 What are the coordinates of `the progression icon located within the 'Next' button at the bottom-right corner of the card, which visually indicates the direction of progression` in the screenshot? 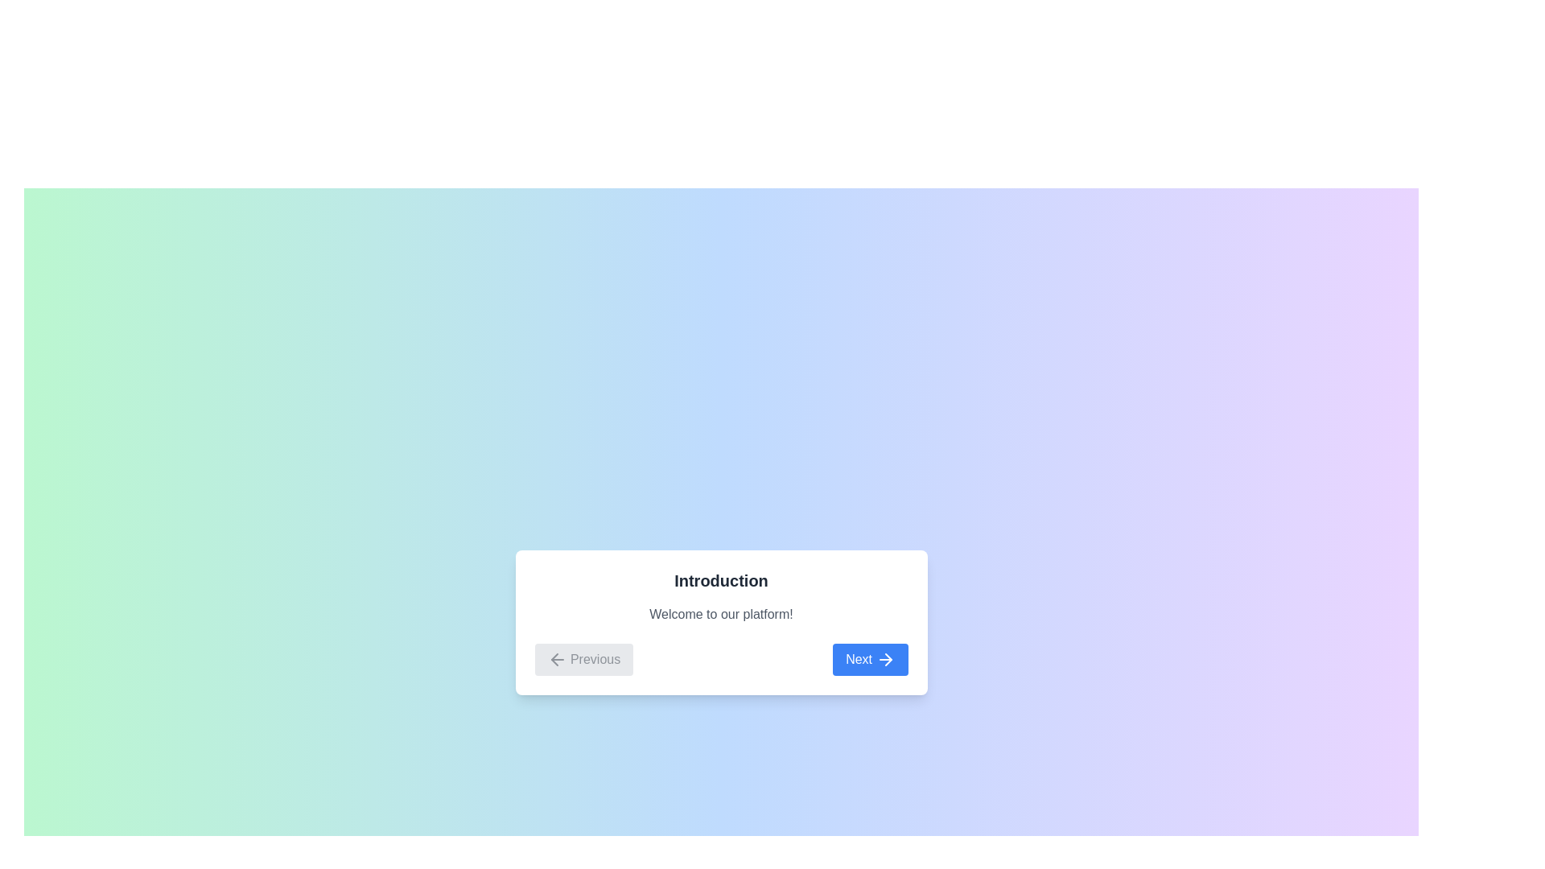 It's located at (888, 660).